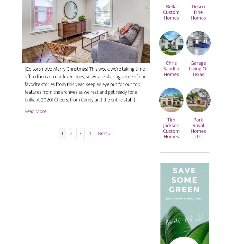 The image size is (234, 244). Describe the element at coordinates (198, 12) in the screenshot. I see `'Desco Fine Homes'` at that location.